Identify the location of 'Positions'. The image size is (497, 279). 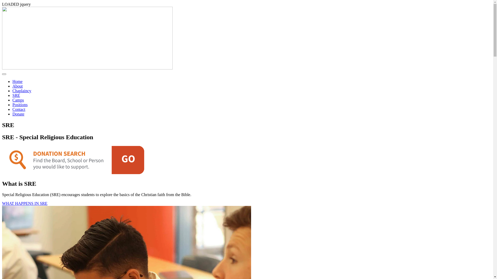
(20, 105).